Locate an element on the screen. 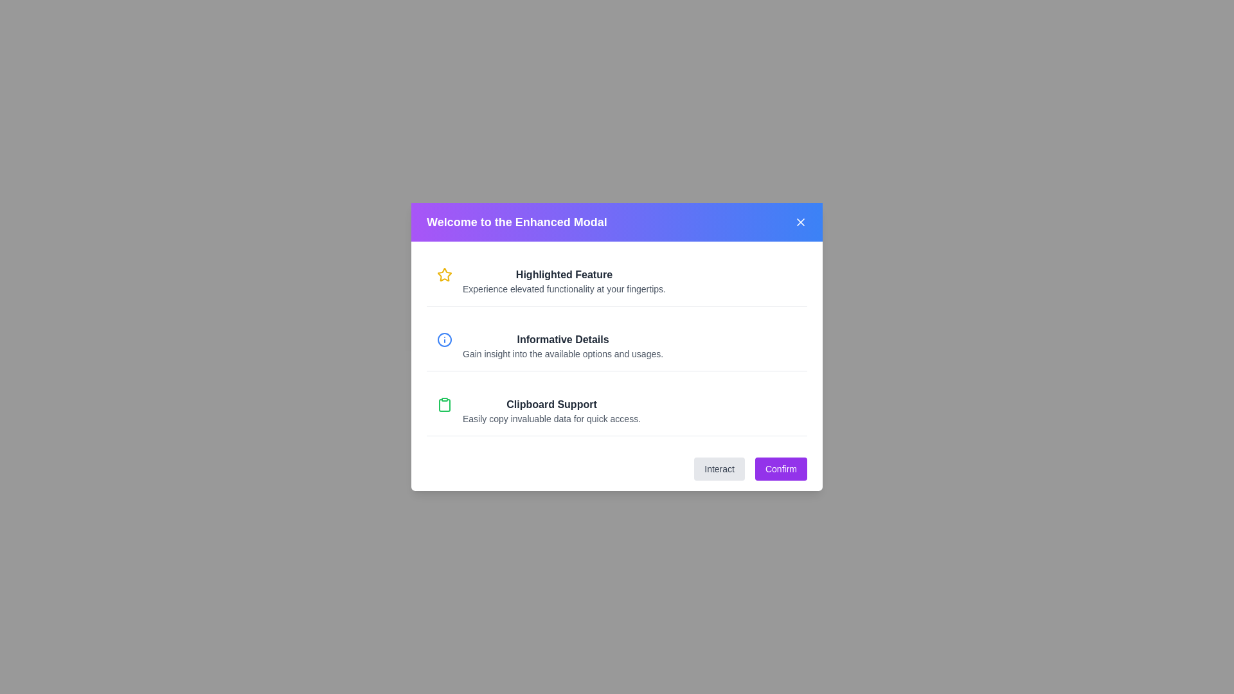 This screenshot has width=1234, height=694. the text block styled in smaller gray font that displays 'Easily copy invaluable data for quick access.' located below the 'Clipboard Support' heading with a green clipboard icon is located at coordinates (551, 418).